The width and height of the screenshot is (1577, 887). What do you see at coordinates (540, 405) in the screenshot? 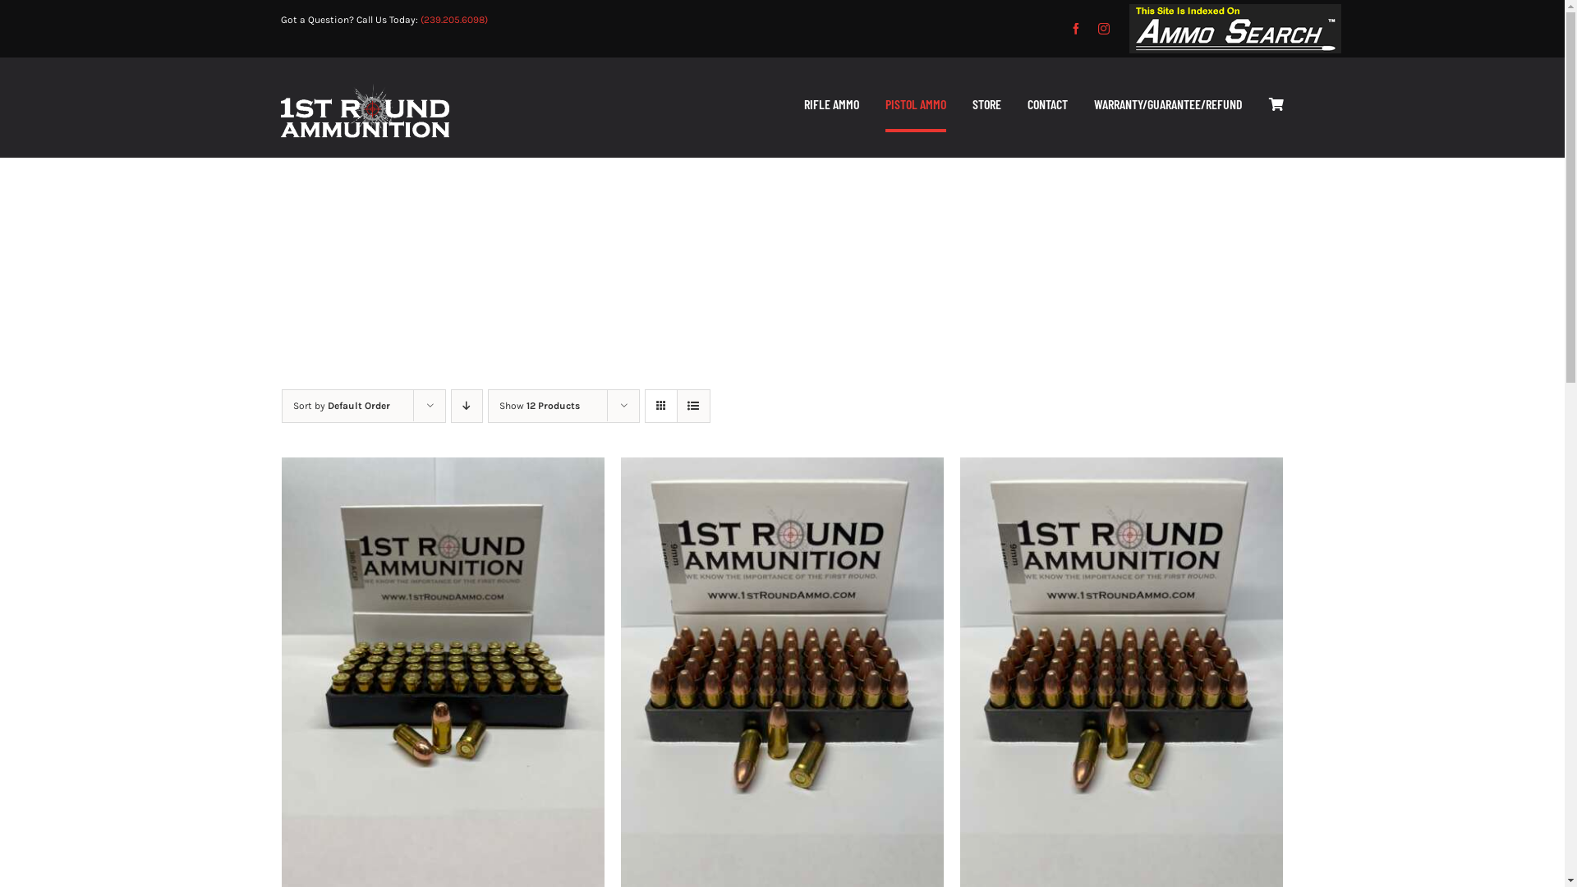
I see `'Show 12 Products'` at bounding box center [540, 405].